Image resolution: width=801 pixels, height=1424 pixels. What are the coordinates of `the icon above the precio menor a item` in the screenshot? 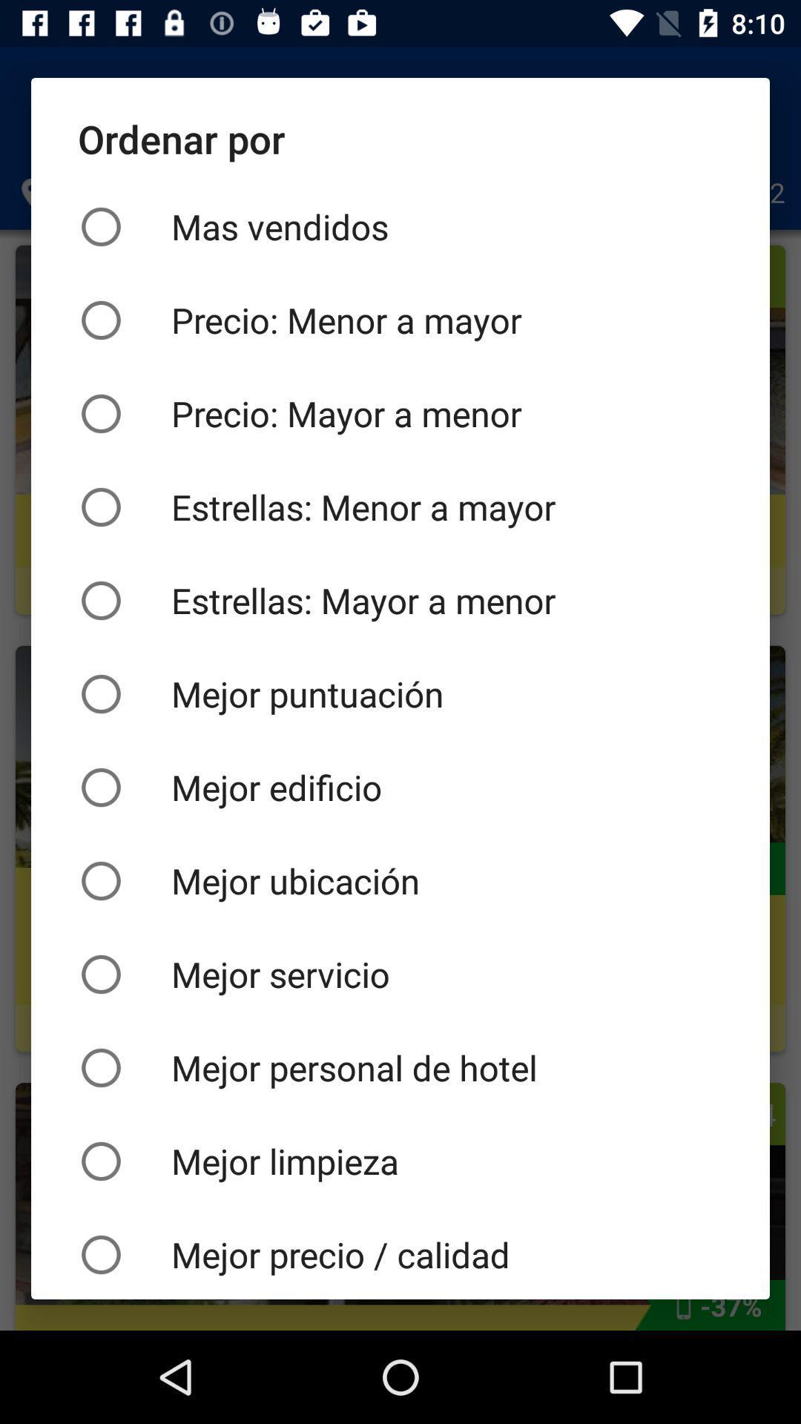 It's located at (400, 226).